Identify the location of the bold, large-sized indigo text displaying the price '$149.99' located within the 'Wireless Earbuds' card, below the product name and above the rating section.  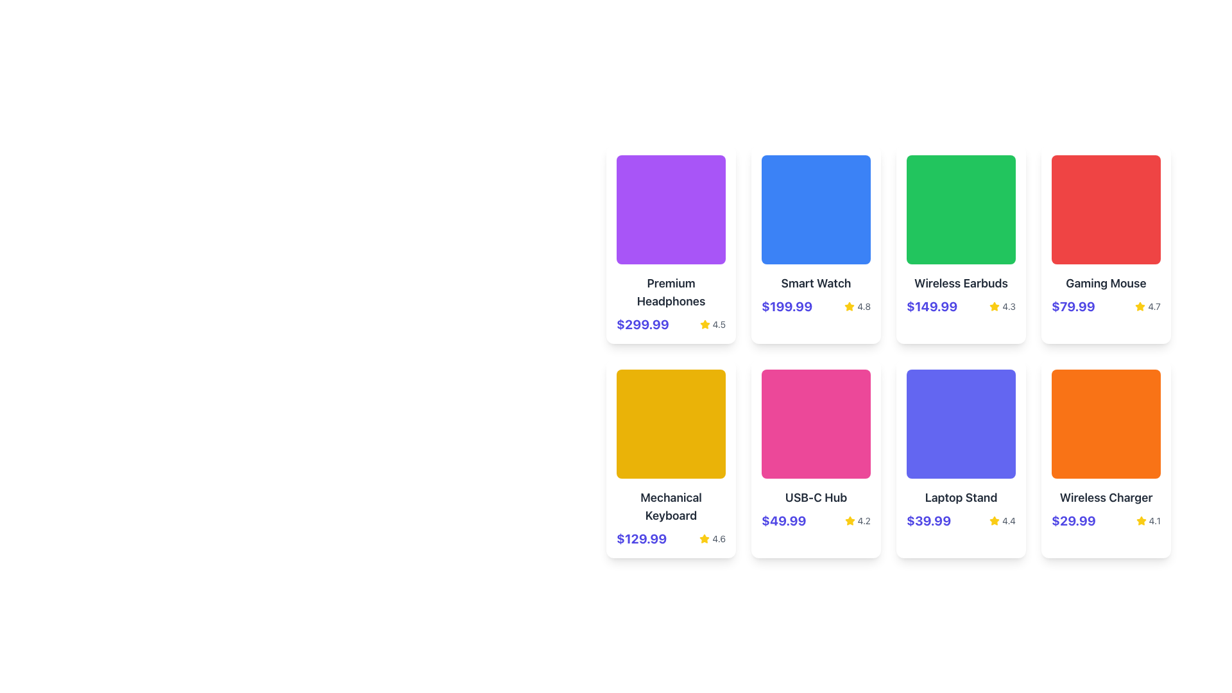
(932, 307).